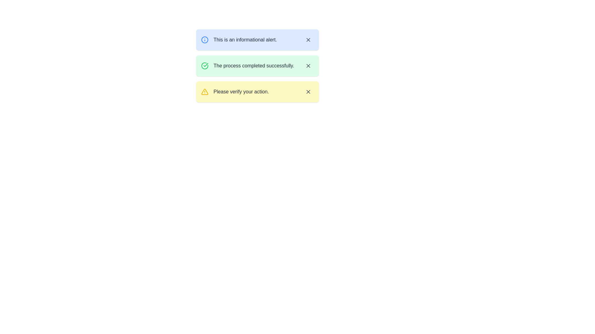  What do you see at coordinates (257, 66) in the screenshot?
I see `the notification bar with a green background that displays the message 'The process completed successfully.'` at bounding box center [257, 66].